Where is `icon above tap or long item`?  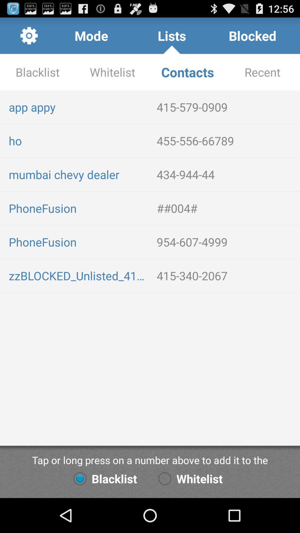
icon above tap or long item is located at coordinates (226, 276).